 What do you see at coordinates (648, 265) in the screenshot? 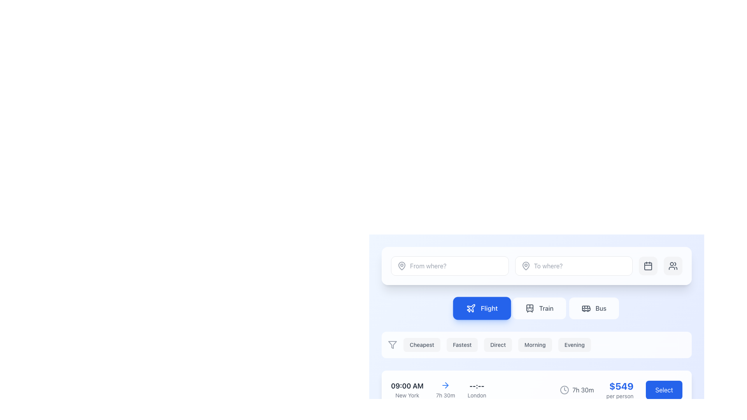
I see `the calendar icon button located in the upper section of the interface, to the immediate left of the user profile icon` at bounding box center [648, 265].